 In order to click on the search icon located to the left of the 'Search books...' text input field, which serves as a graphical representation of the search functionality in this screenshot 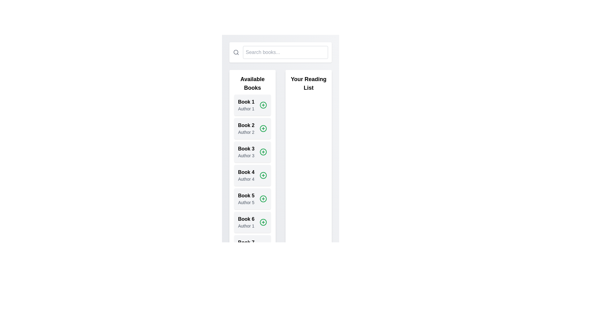, I will do `click(236, 52)`.